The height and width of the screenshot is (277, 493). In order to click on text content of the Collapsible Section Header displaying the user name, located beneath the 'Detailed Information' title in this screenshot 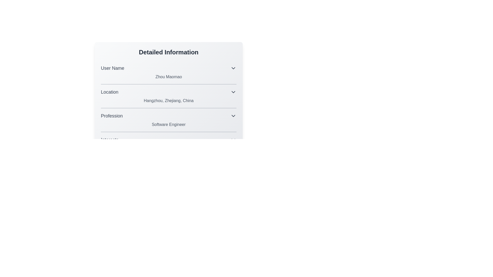, I will do `click(169, 72)`.